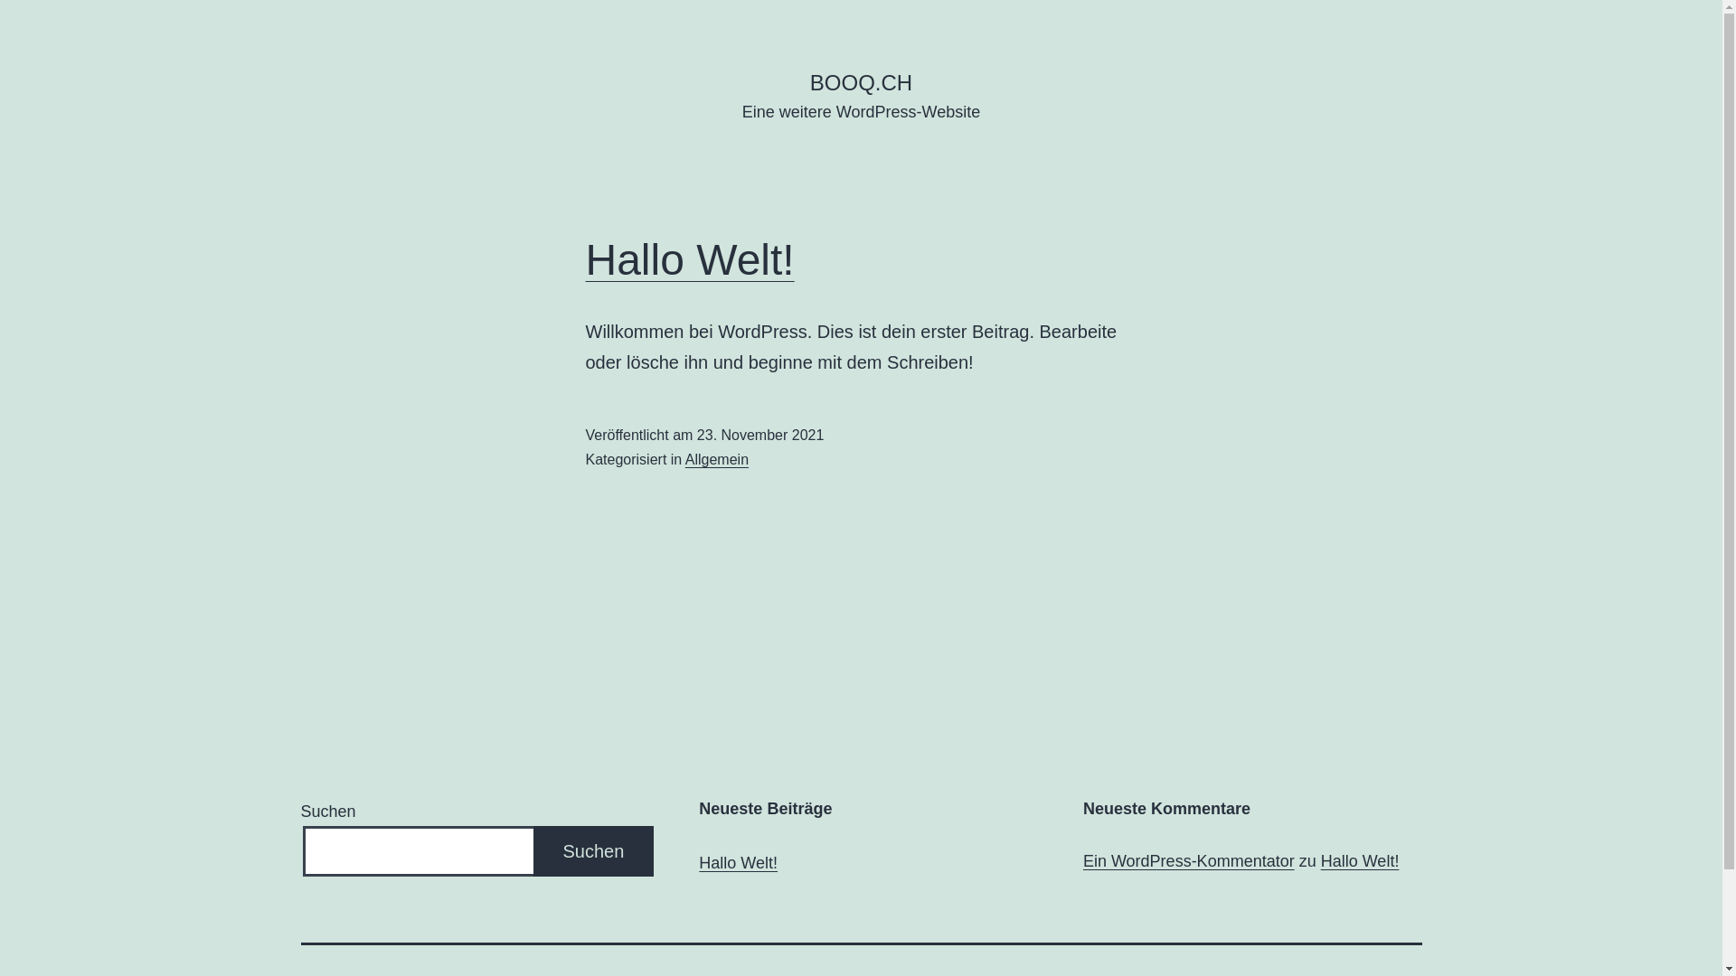 Image resolution: width=1736 pixels, height=976 pixels. What do you see at coordinates (689, 259) in the screenshot?
I see `'Hallo Welt!'` at bounding box center [689, 259].